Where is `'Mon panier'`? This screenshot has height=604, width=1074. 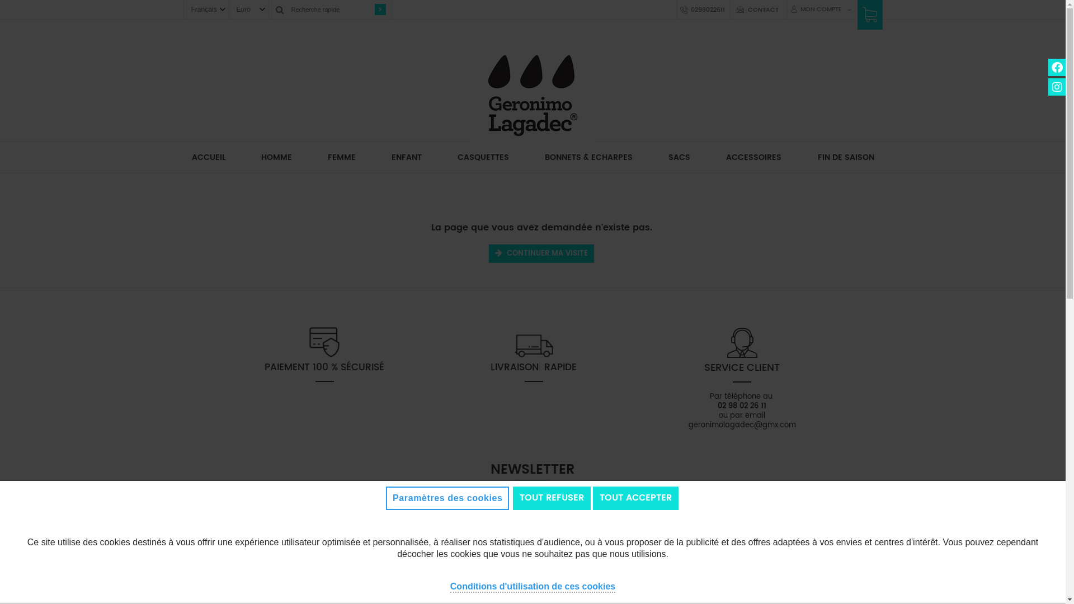
'Mon panier' is located at coordinates (869, 19).